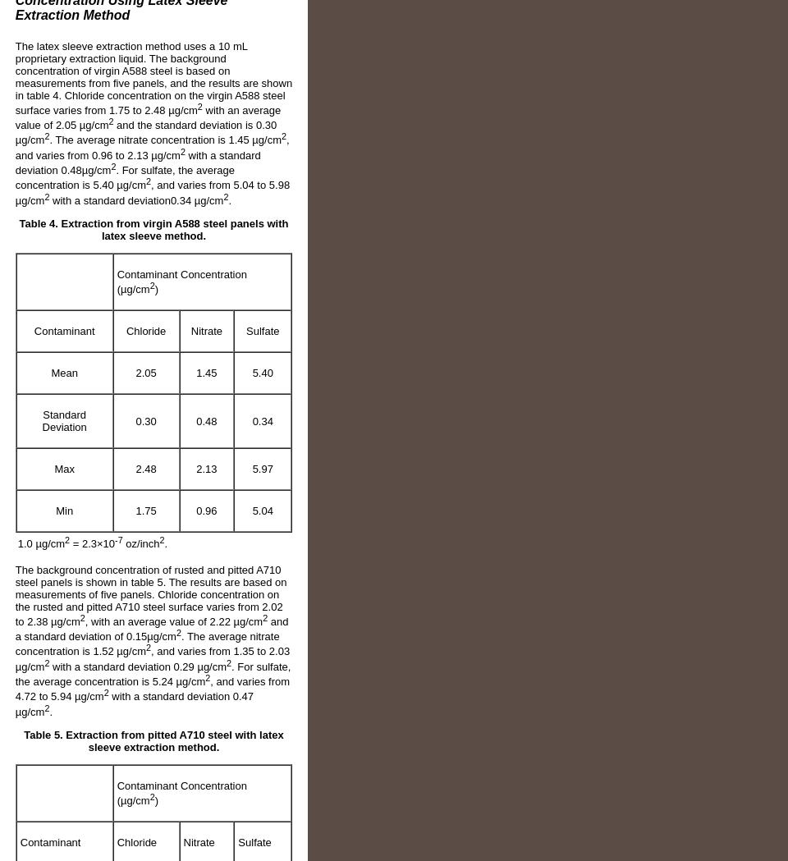  I want to click on 'with a standard deviation 0.29 µg/cm', so click(137, 666).